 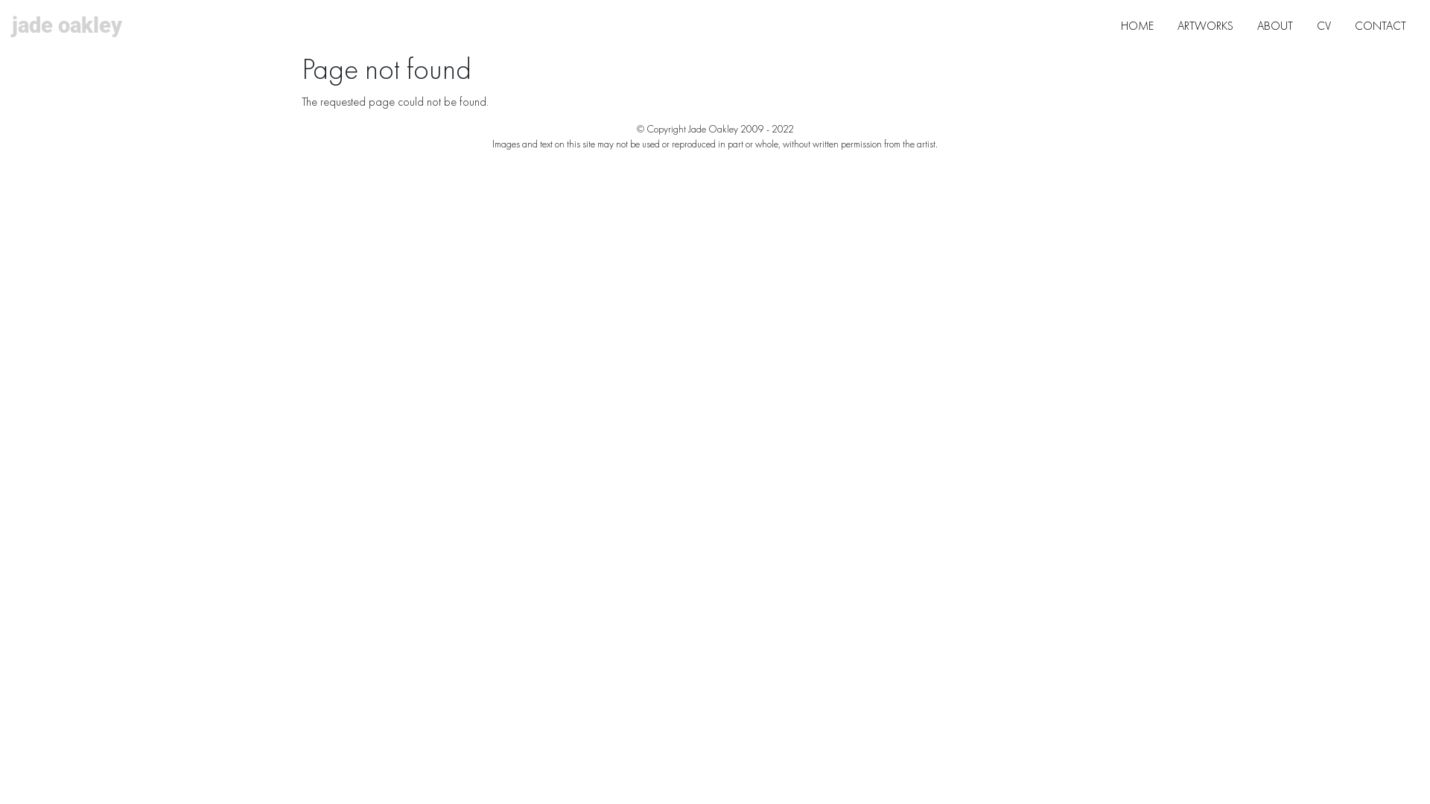 What do you see at coordinates (1205, 25) in the screenshot?
I see `'ARTWORKS'` at bounding box center [1205, 25].